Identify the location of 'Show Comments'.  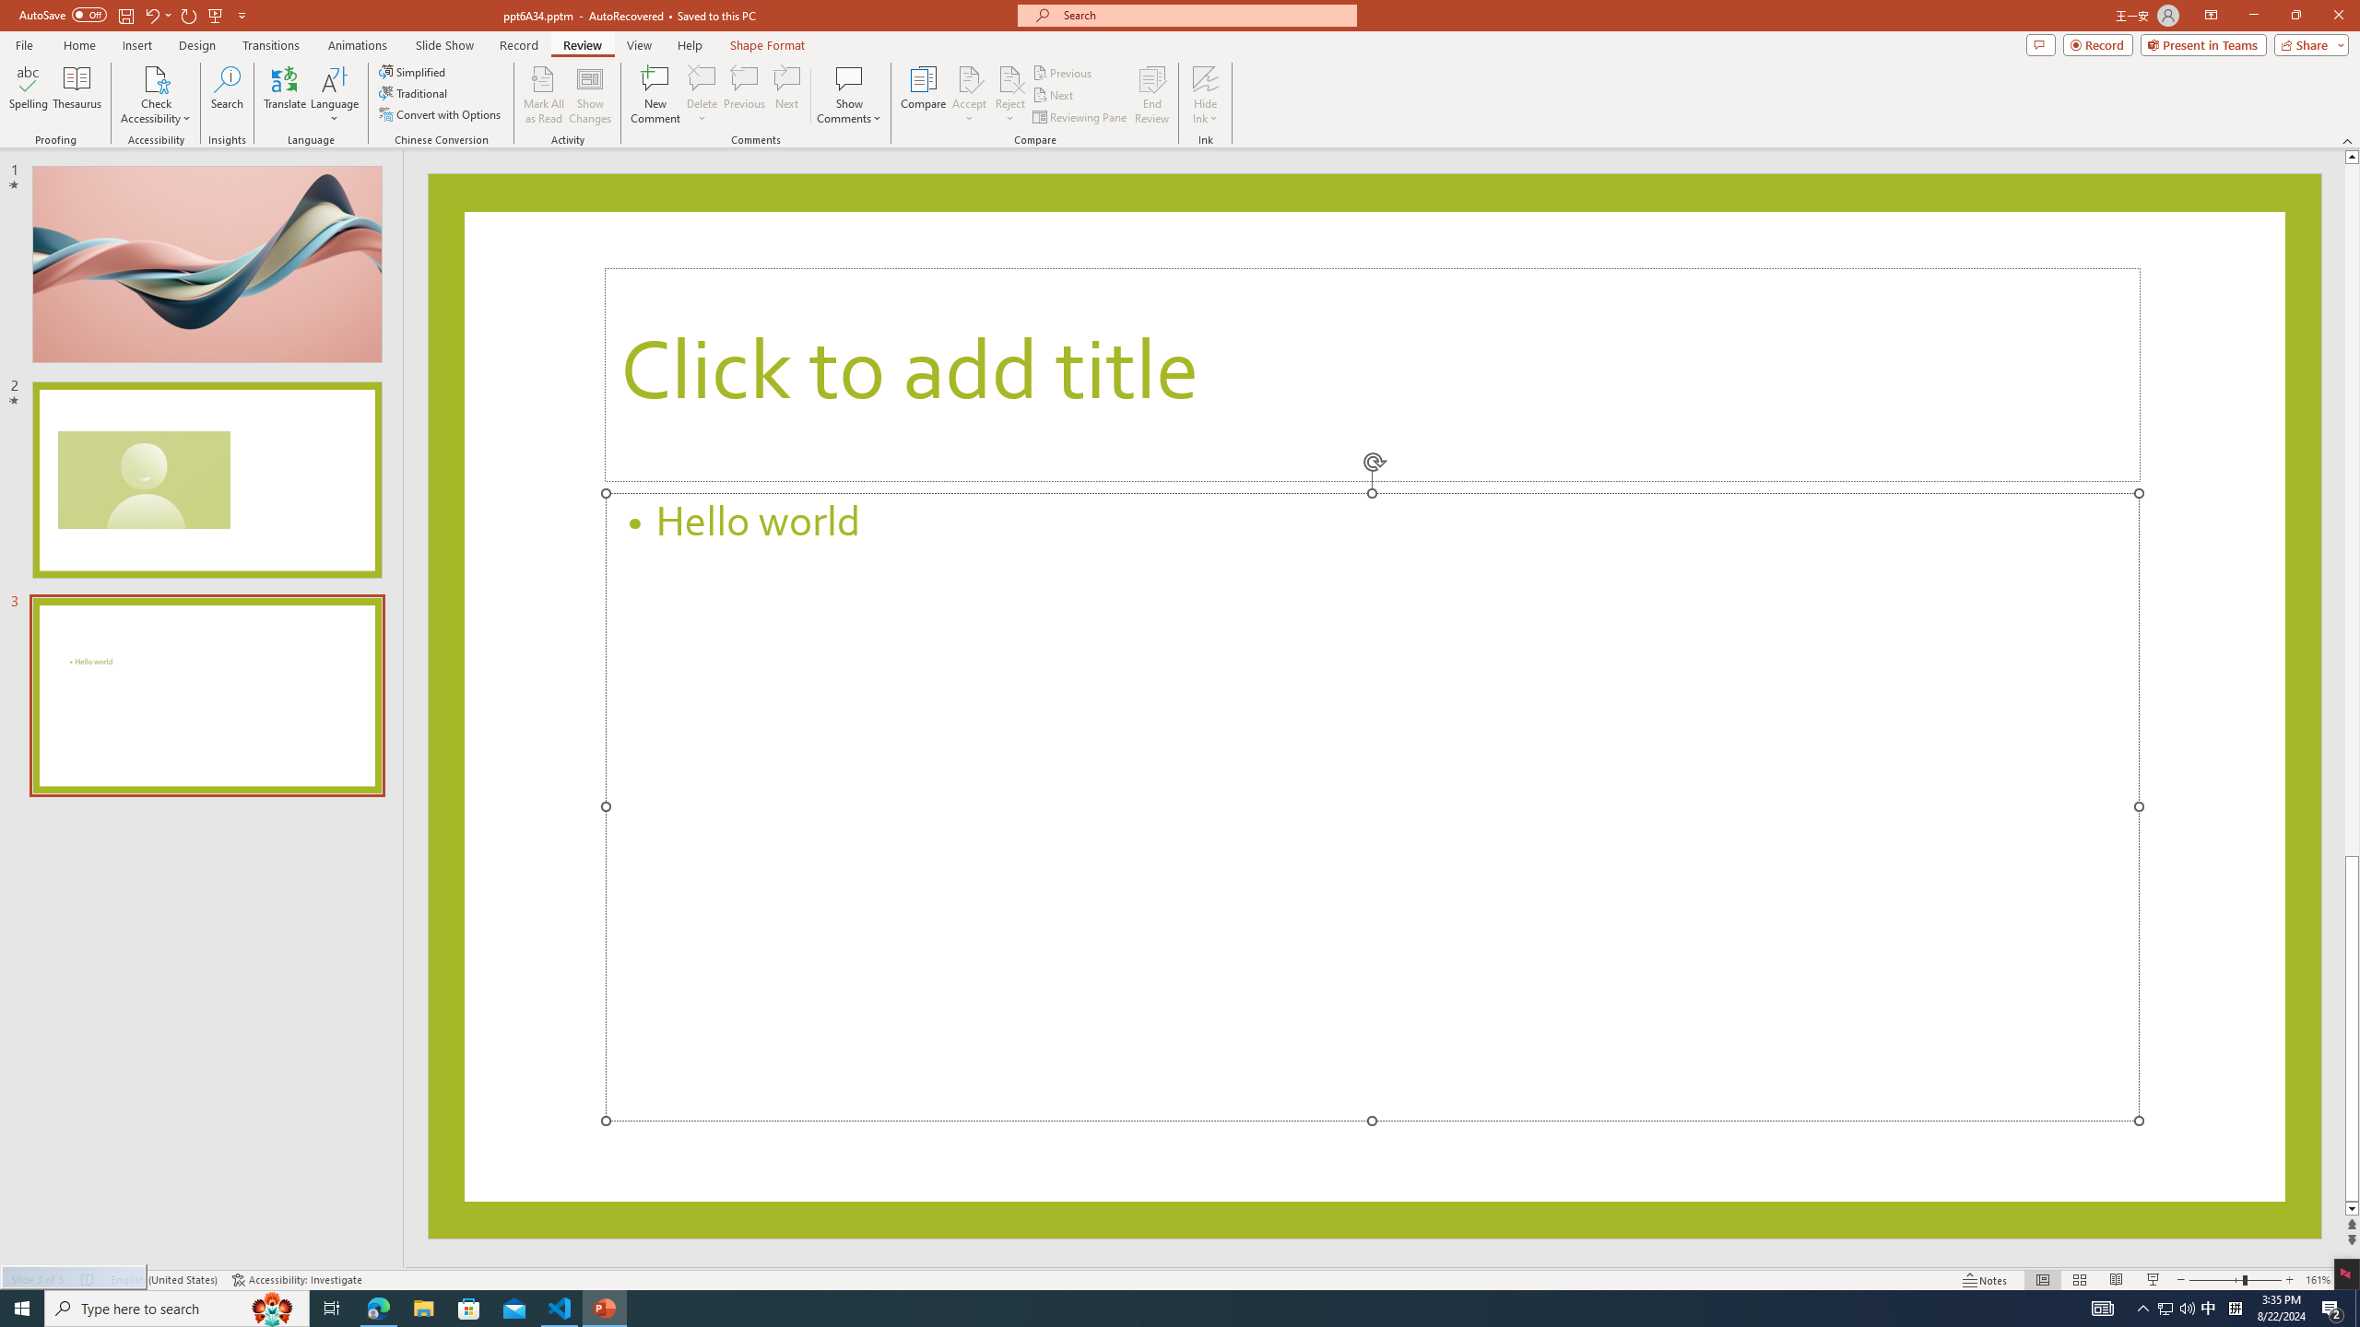
(849, 95).